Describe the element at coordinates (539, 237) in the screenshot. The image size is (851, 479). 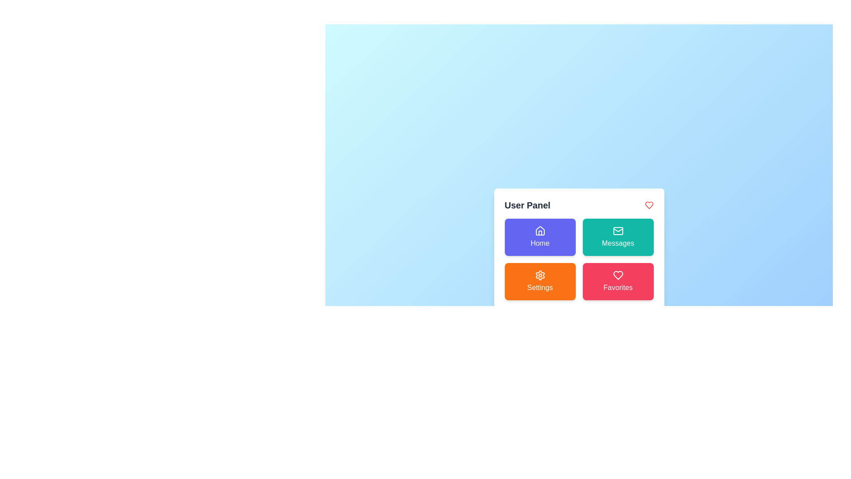
I see `the first button in the 'User Panel' grid located at the top-left corner` at that location.